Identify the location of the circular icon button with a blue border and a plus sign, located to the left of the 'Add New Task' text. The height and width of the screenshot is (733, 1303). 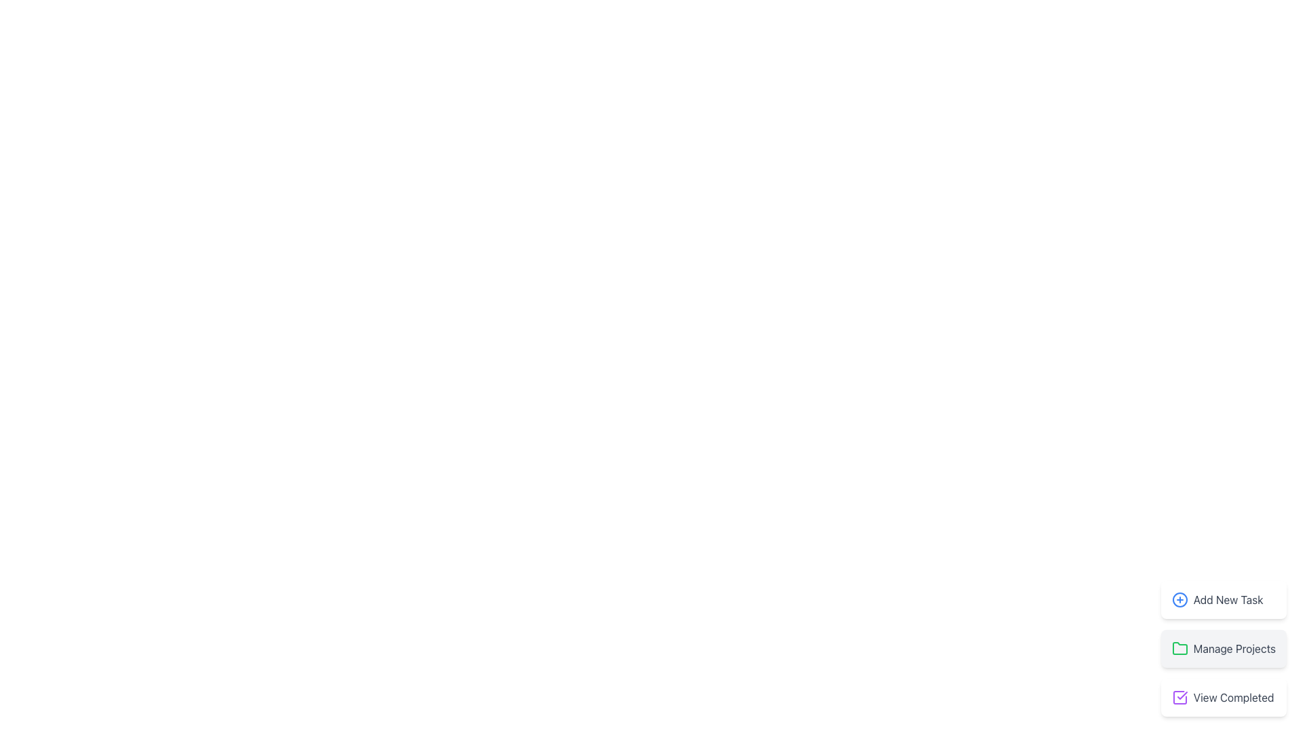
(1179, 599).